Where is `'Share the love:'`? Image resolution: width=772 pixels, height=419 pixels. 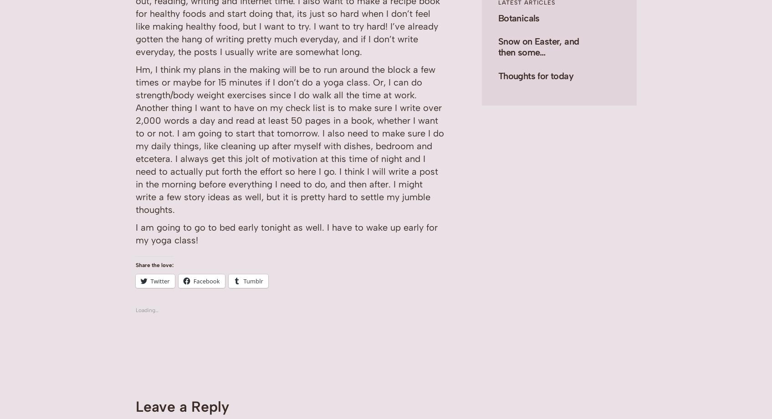
'Share the love:' is located at coordinates (153, 264).